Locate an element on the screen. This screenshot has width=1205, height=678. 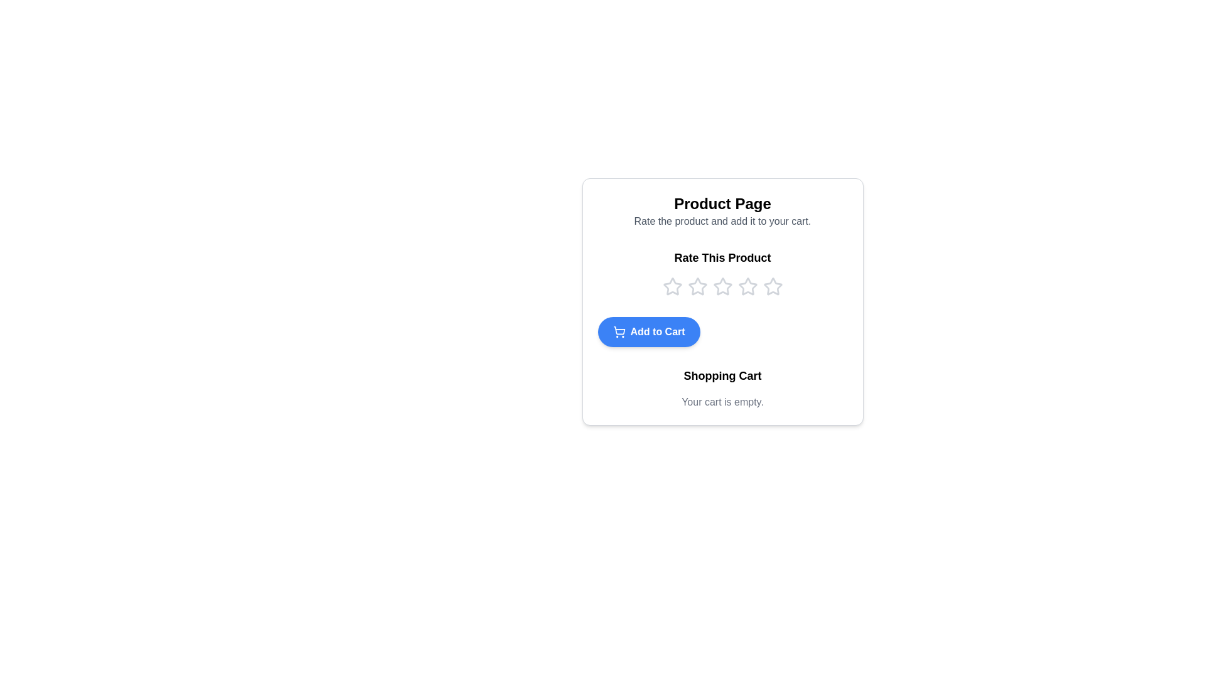
the 'Add to Cart' button is located at coordinates (657, 331).